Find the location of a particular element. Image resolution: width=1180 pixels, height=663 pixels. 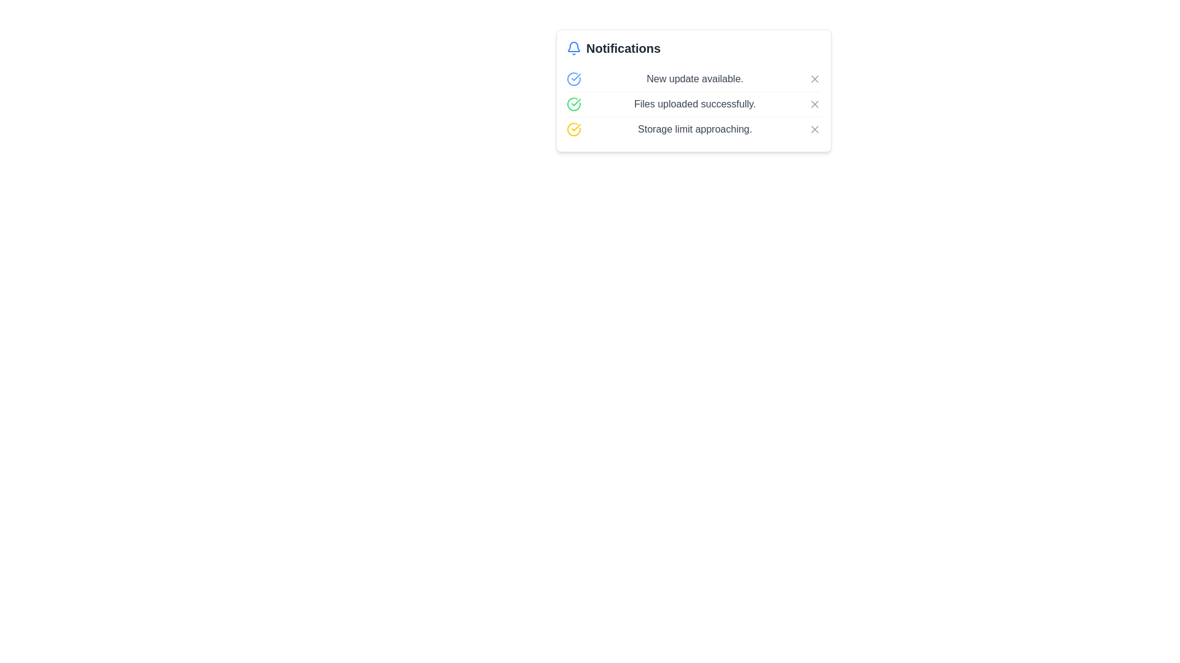

the dismiss button represented by an 'X' icon located on the far right of the notification block is located at coordinates (814, 130).